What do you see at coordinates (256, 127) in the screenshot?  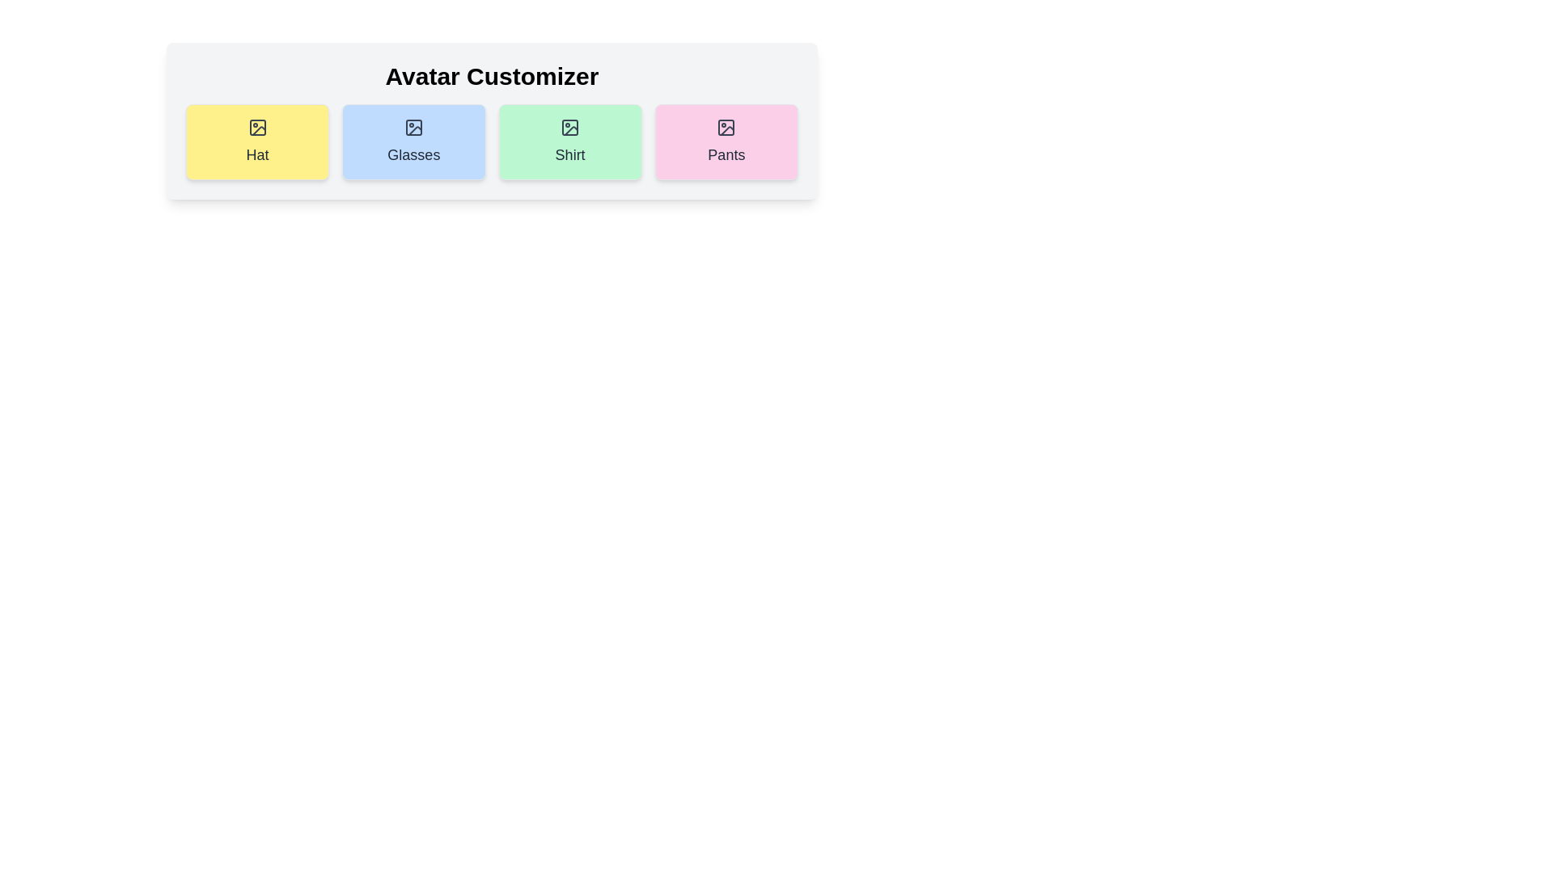 I see `the 'Hat' icon represented within the yellow rectangular card located in the top-left corner of the grid` at bounding box center [256, 127].